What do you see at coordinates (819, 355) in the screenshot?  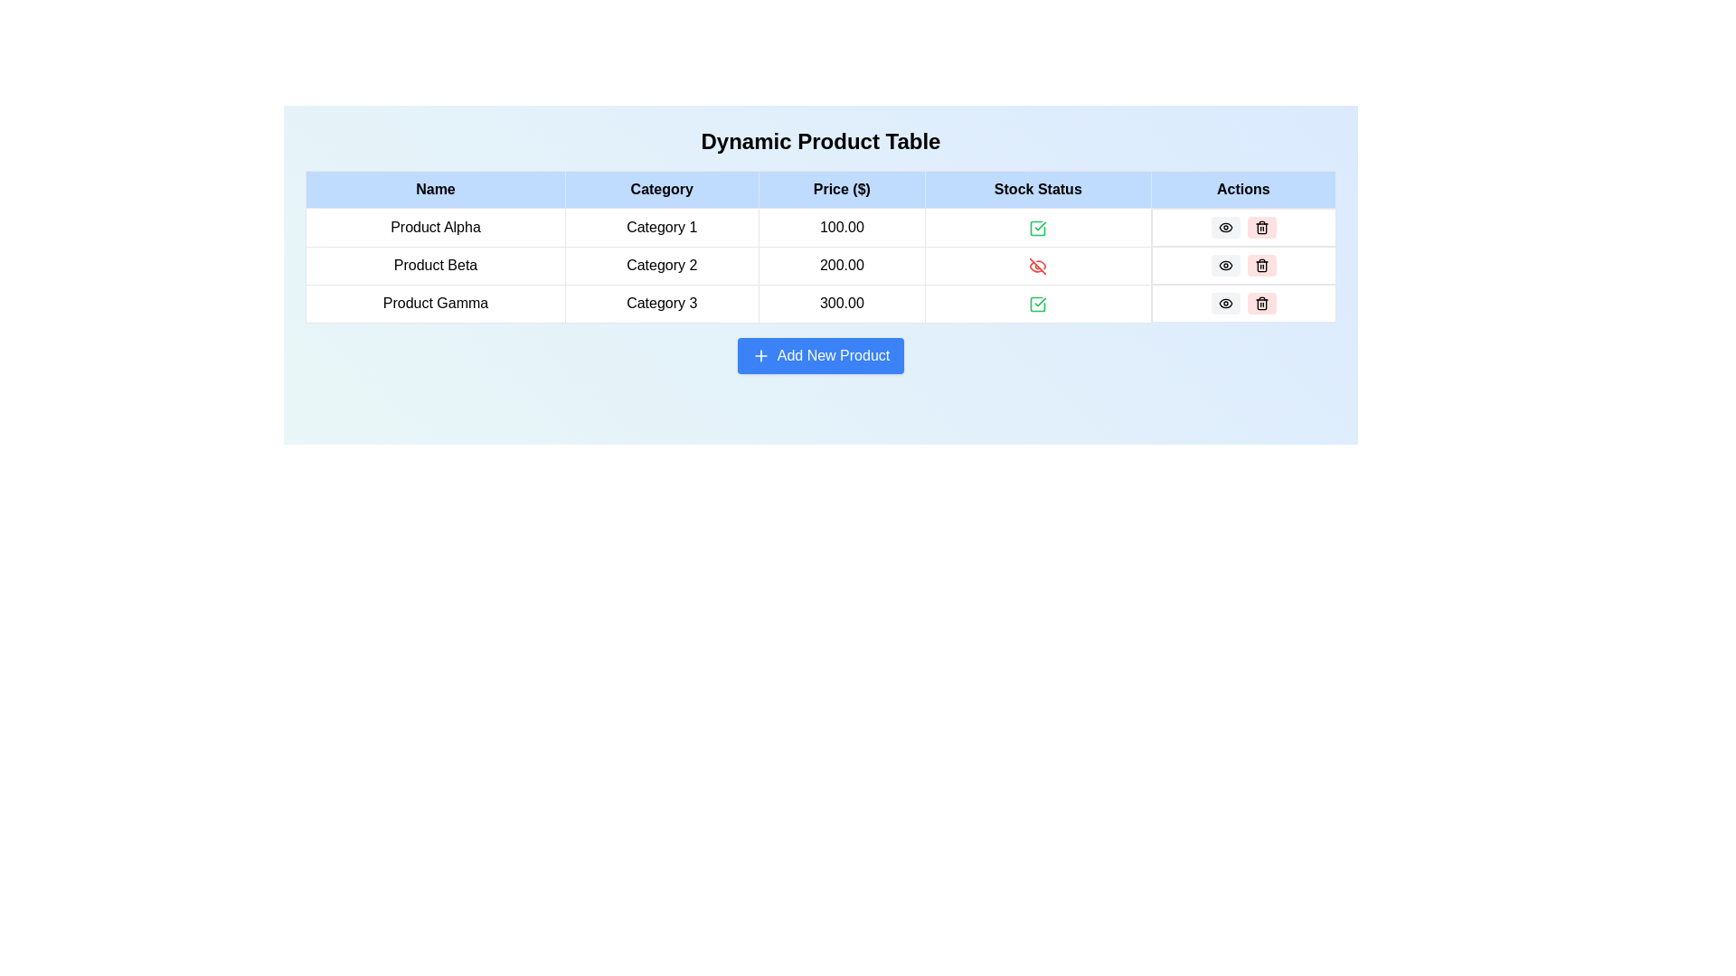 I see `the 'Add New Product' button located centrally under the product table` at bounding box center [819, 355].